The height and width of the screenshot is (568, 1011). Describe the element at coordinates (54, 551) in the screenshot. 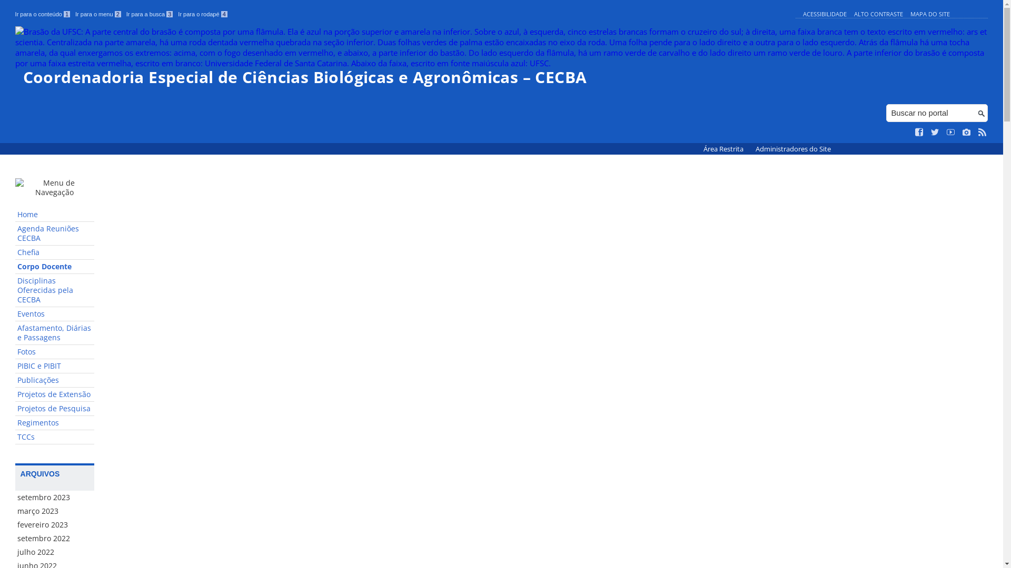

I see `'julho 2022'` at that location.